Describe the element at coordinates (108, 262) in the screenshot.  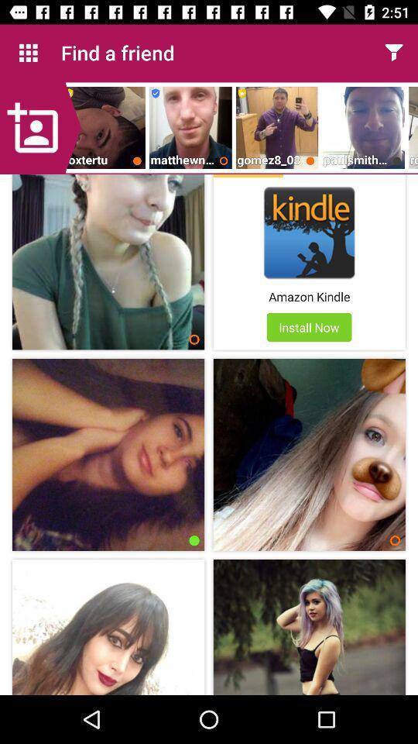
I see `the image before kindle` at that location.